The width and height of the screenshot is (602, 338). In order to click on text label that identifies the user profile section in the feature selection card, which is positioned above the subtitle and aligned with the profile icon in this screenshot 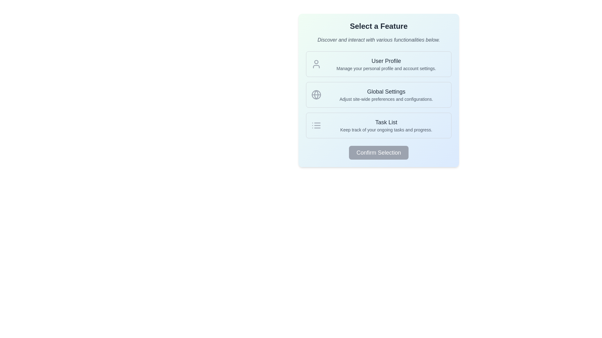, I will do `click(386, 61)`.